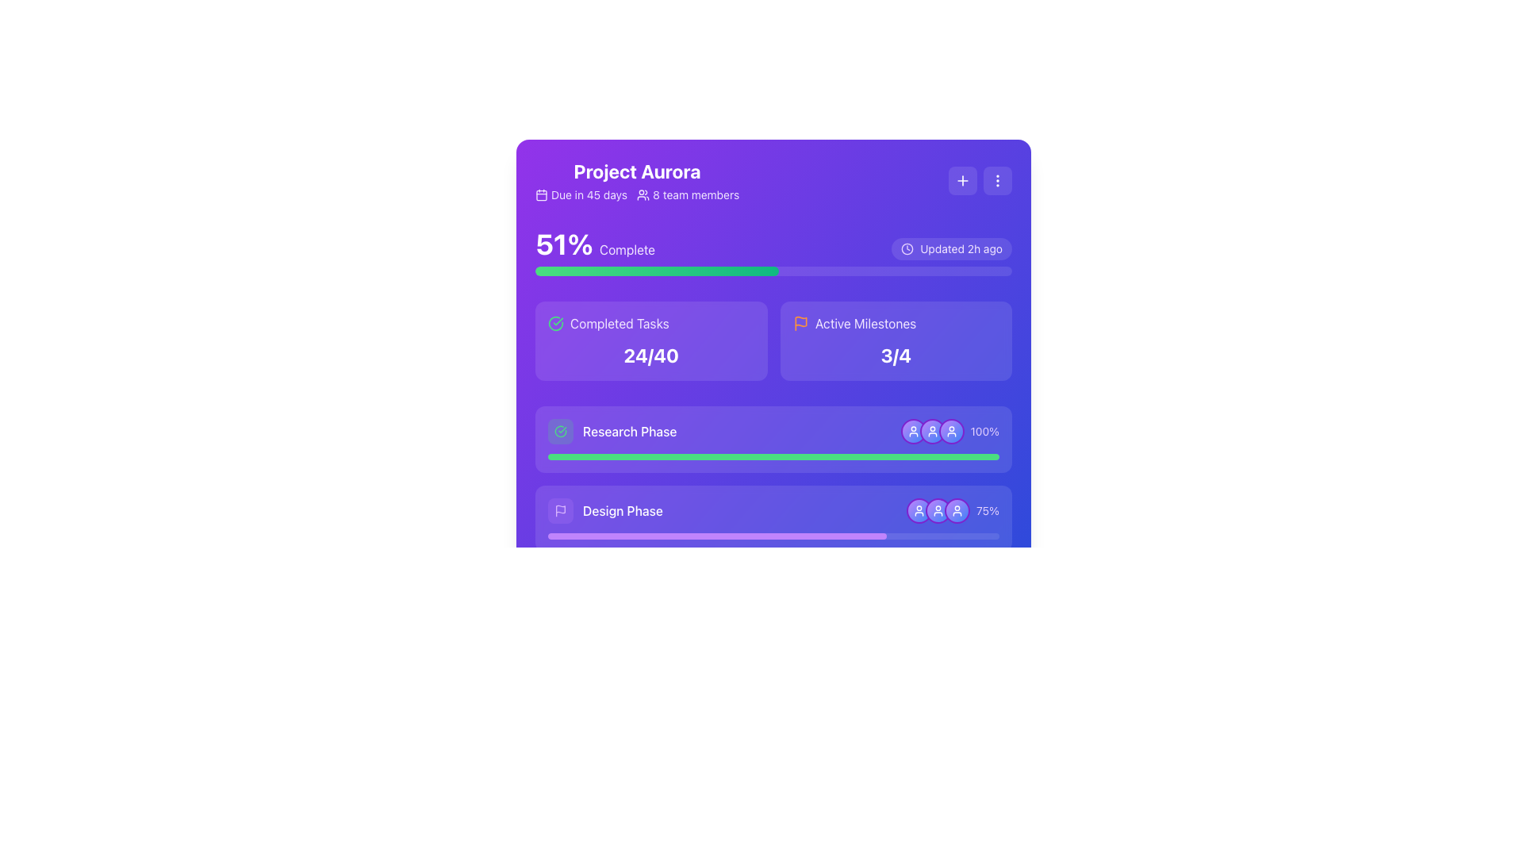  What do you see at coordinates (896, 340) in the screenshot?
I see `the Information Display Card that summarizes active milestones for the project, located in the top row, second column of a two-column grid layout` at bounding box center [896, 340].